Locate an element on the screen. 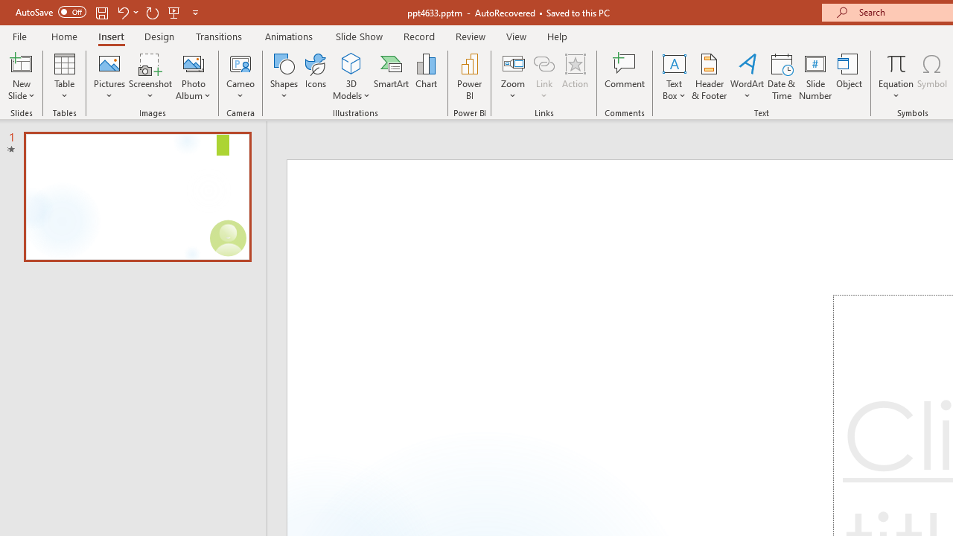  'New Photo Album...' is located at coordinates (192, 63).